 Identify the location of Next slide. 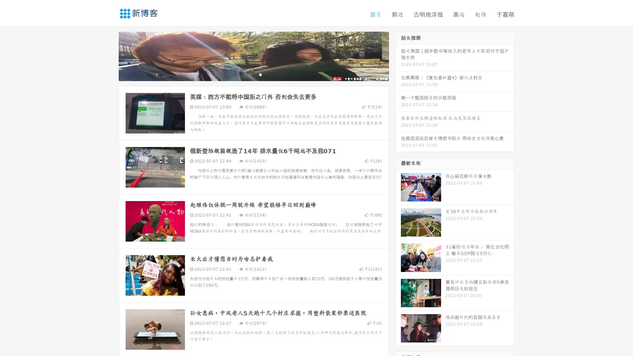
(398, 55).